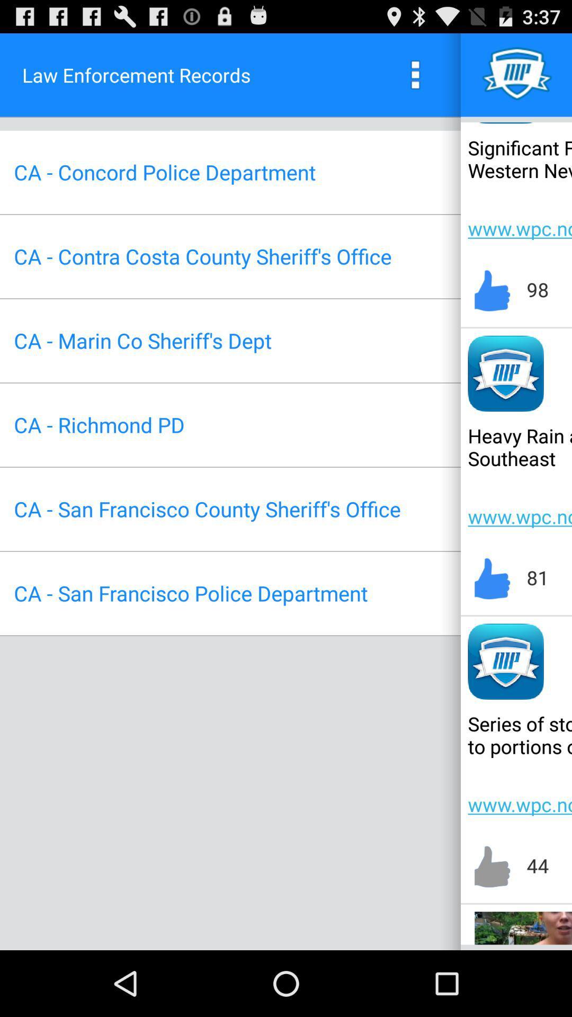 This screenshot has width=572, height=1017. I want to click on ca marin co icon, so click(142, 341).